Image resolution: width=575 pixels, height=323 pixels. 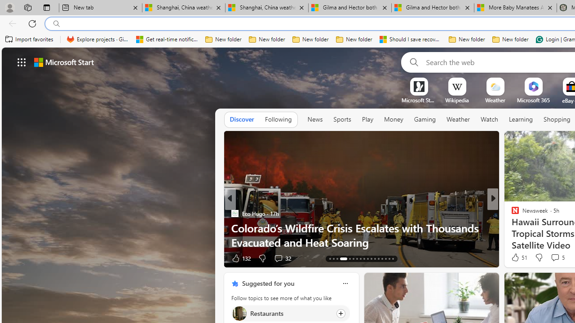 What do you see at coordinates (514, 258) in the screenshot?
I see `'9 Like'` at bounding box center [514, 258].